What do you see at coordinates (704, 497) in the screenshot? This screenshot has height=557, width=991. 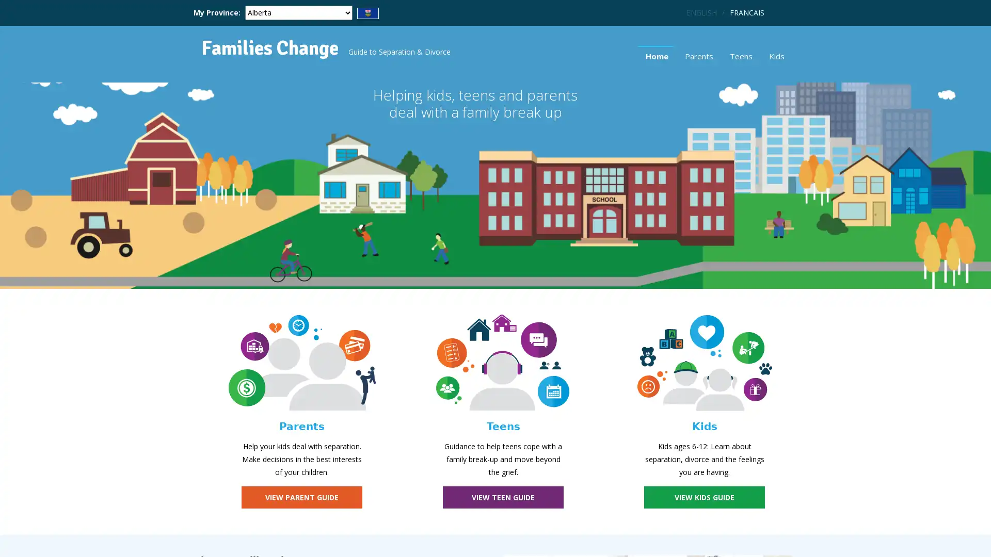 I see `VIEW KIDS GUIDE` at bounding box center [704, 497].